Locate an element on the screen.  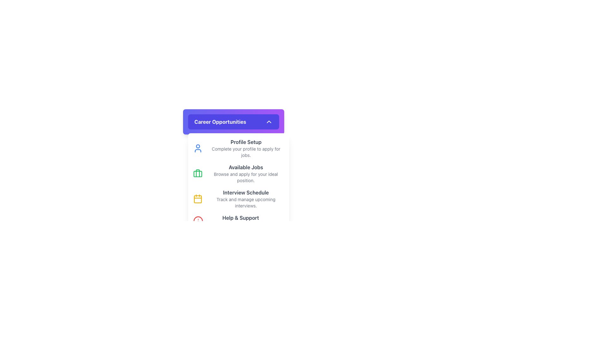
the text element reading 'Track and manage upcoming interviews.' which is styled in a smaller gray font and is located below the 'Interview Schedule' heading is located at coordinates (245, 202).